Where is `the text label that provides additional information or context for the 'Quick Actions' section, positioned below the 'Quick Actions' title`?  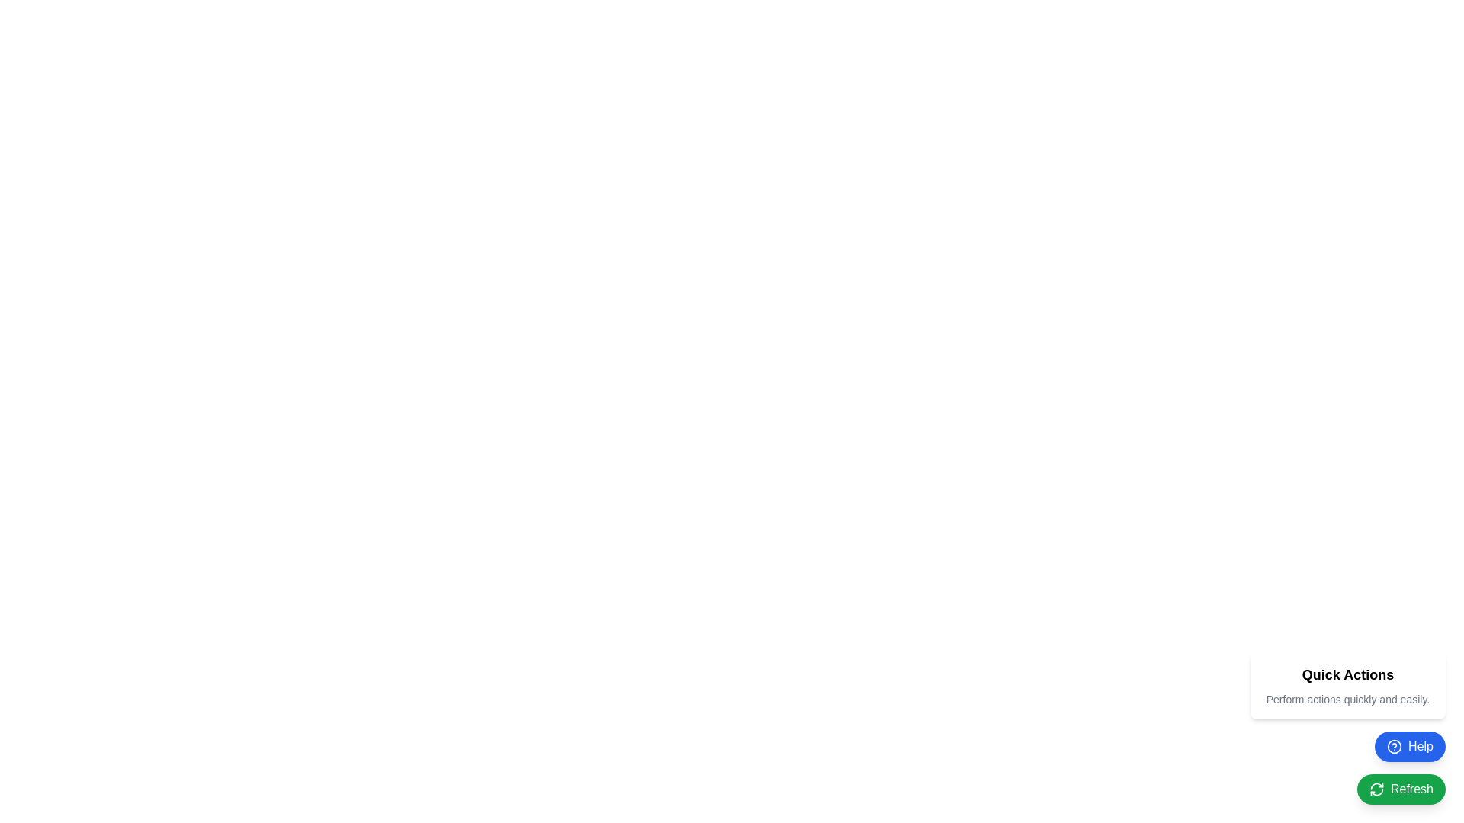
the text label that provides additional information or context for the 'Quick Actions' section, positioned below the 'Quick Actions' title is located at coordinates (1347, 700).